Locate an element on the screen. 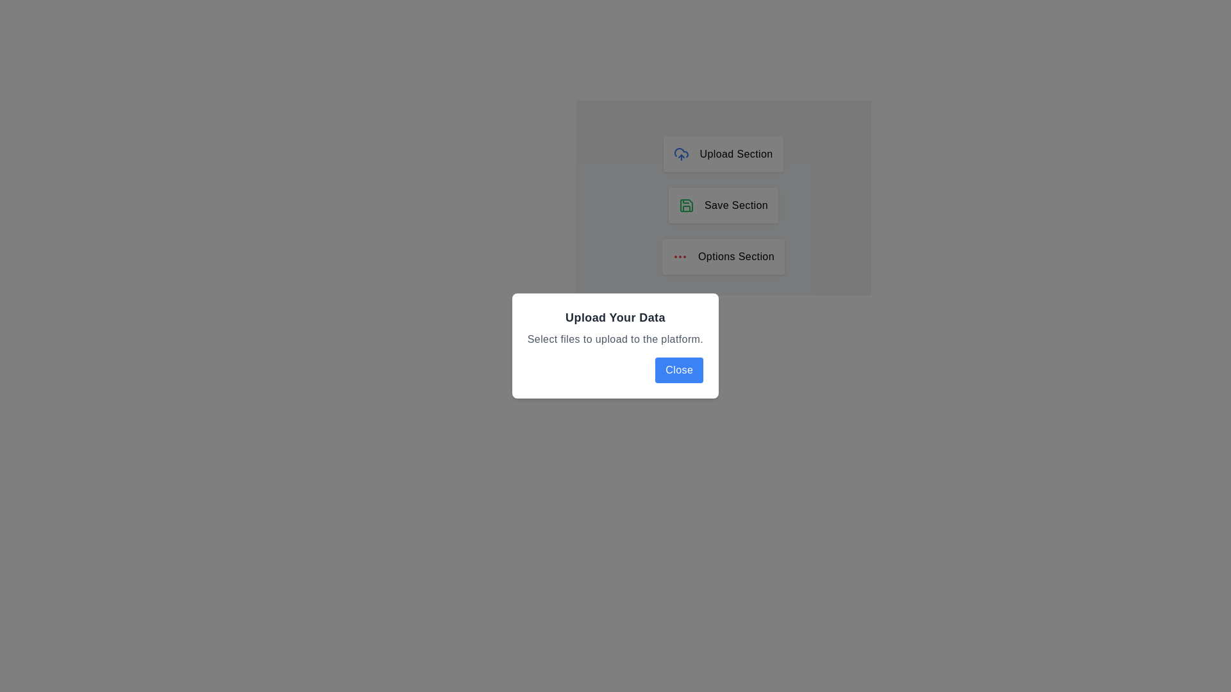  the text label that provides context for uploading files, positioned to the right of the cloud upload icon and above the 'Save Section' and 'Options Section' buttons is located at coordinates (736, 153).